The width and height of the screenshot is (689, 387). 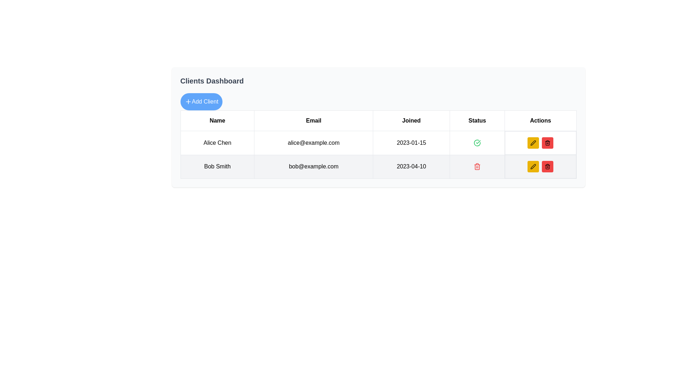 What do you see at coordinates (533, 167) in the screenshot?
I see `the yellow edit button with a pen icon located in the 'Actions' column of the second row in the table to initiate the editing process` at bounding box center [533, 167].